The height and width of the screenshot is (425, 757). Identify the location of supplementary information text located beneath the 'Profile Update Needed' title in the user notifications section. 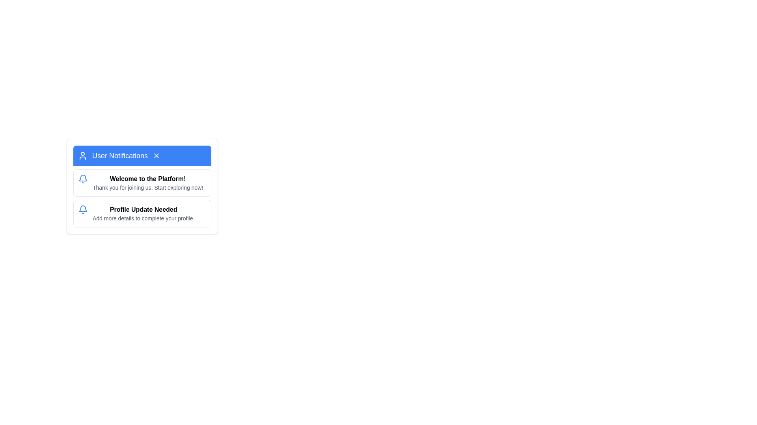
(144, 218).